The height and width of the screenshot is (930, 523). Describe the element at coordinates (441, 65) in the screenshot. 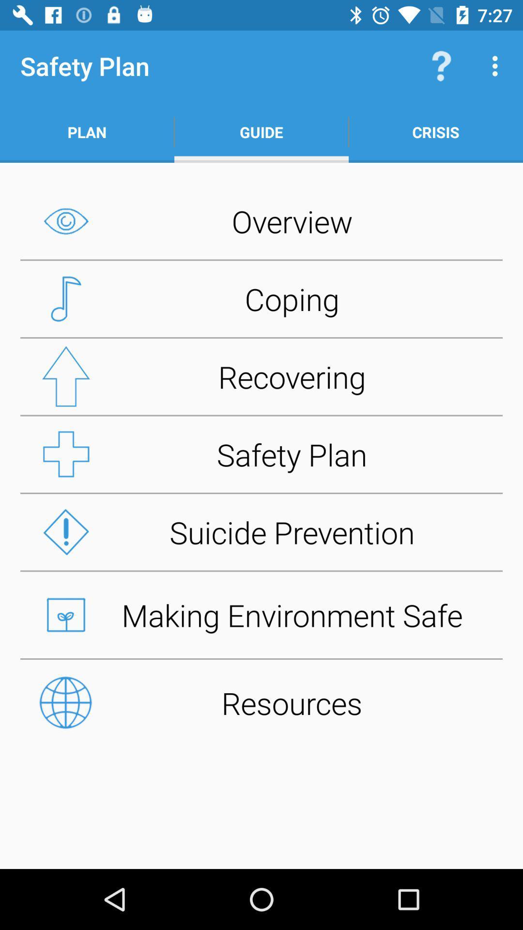

I see `the app next to the guide` at that location.